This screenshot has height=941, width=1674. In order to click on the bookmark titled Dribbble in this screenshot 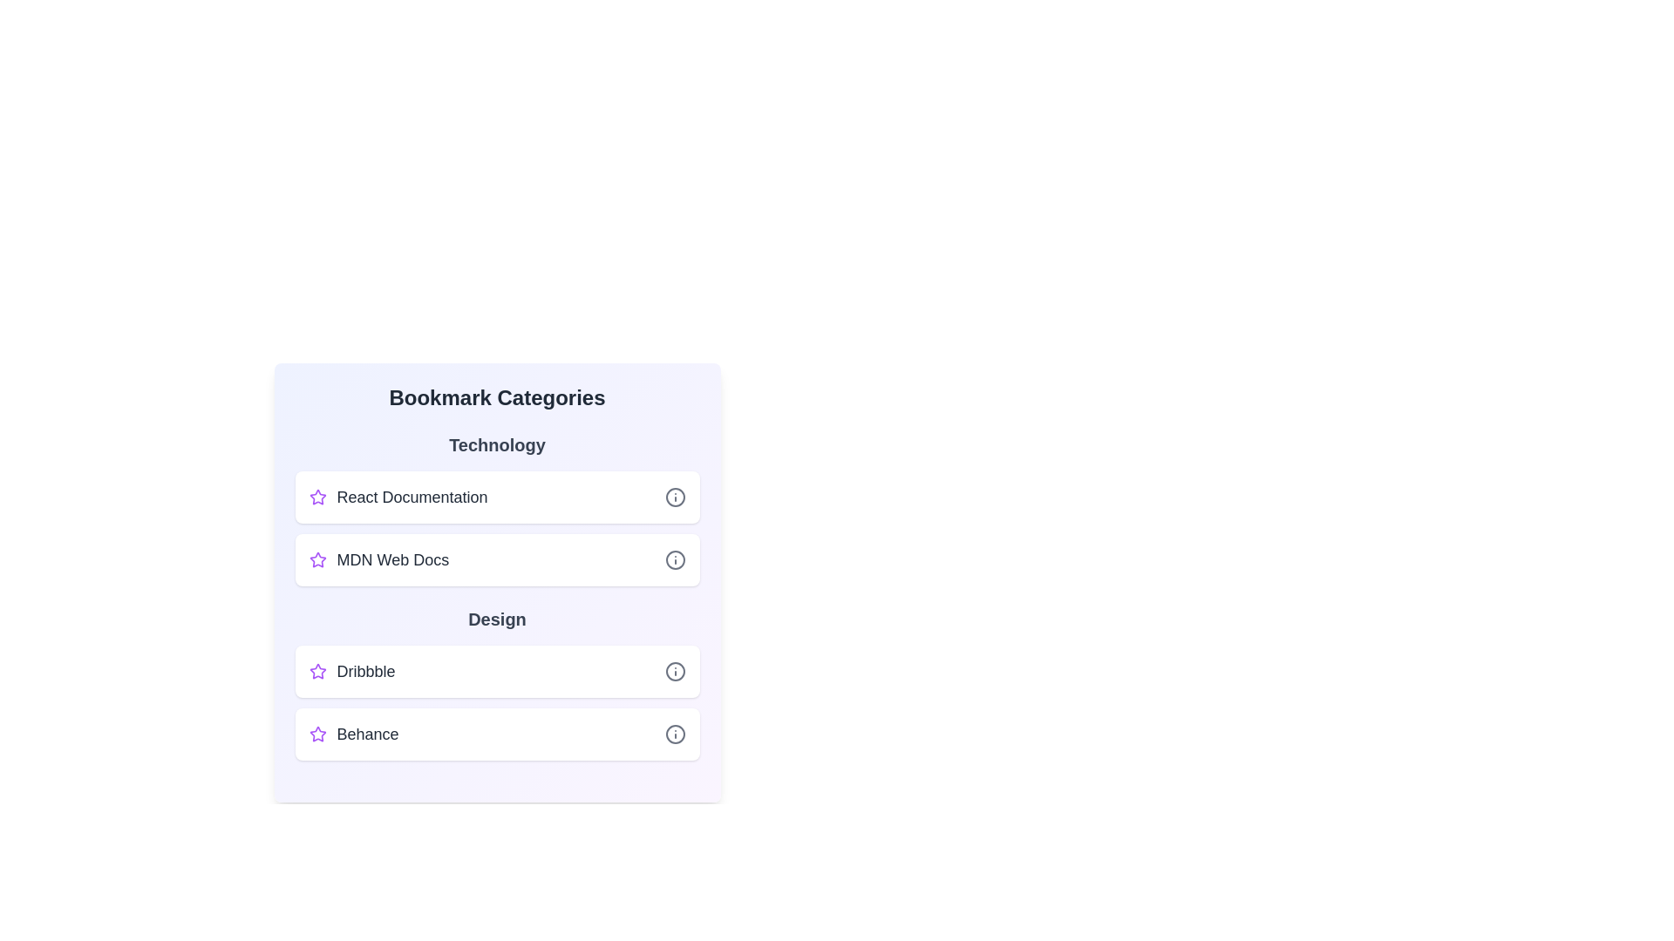, I will do `click(496, 671)`.